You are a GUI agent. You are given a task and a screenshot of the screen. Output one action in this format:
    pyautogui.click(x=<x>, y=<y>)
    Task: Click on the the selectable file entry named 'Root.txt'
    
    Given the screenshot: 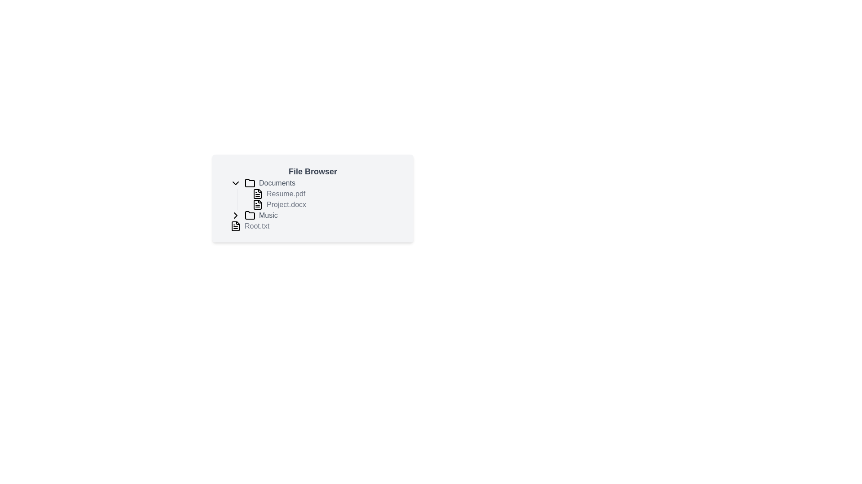 What is the action you would take?
    pyautogui.click(x=317, y=226)
    